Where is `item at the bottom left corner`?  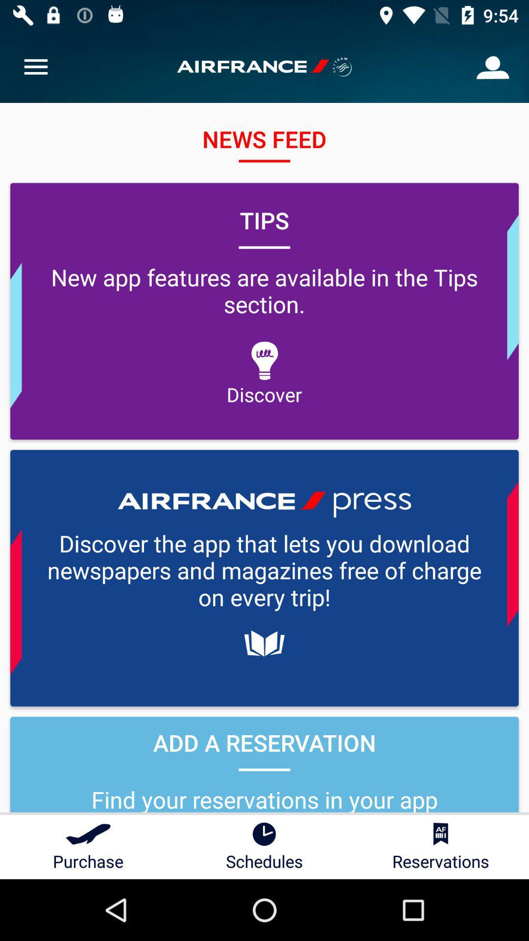 item at the bottom left corner is located at coordinates (88, 846).